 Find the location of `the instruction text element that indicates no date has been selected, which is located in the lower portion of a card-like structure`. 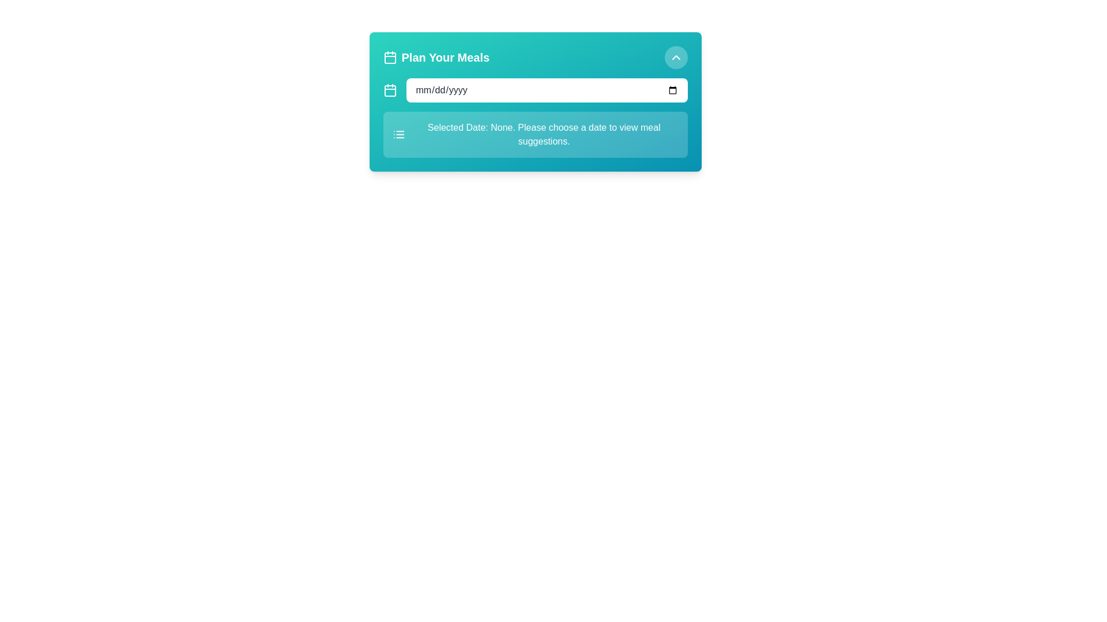

the instruction text element that indicates no date has been selected, which is located in the lower portion of a card-like structure is located at coordinates (543, 134).